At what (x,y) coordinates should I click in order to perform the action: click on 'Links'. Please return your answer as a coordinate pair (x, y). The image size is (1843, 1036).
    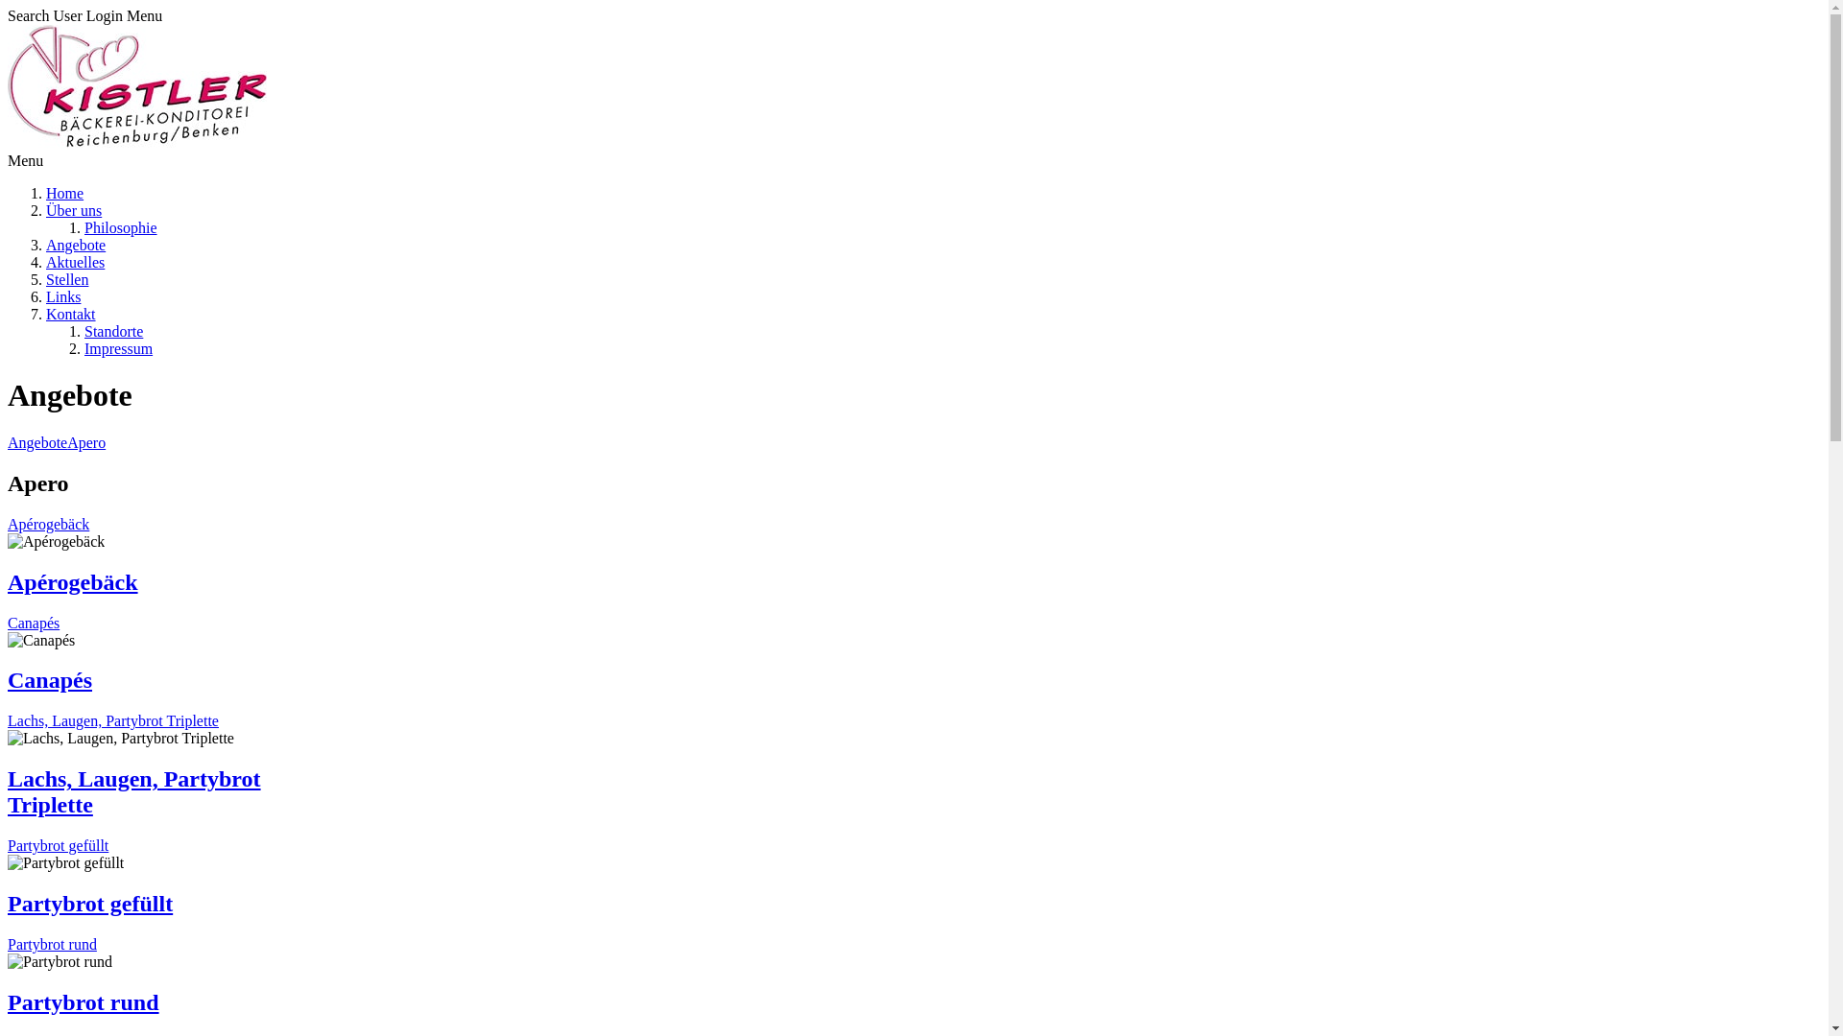
    Looking at the image, I should click on (63, 296).